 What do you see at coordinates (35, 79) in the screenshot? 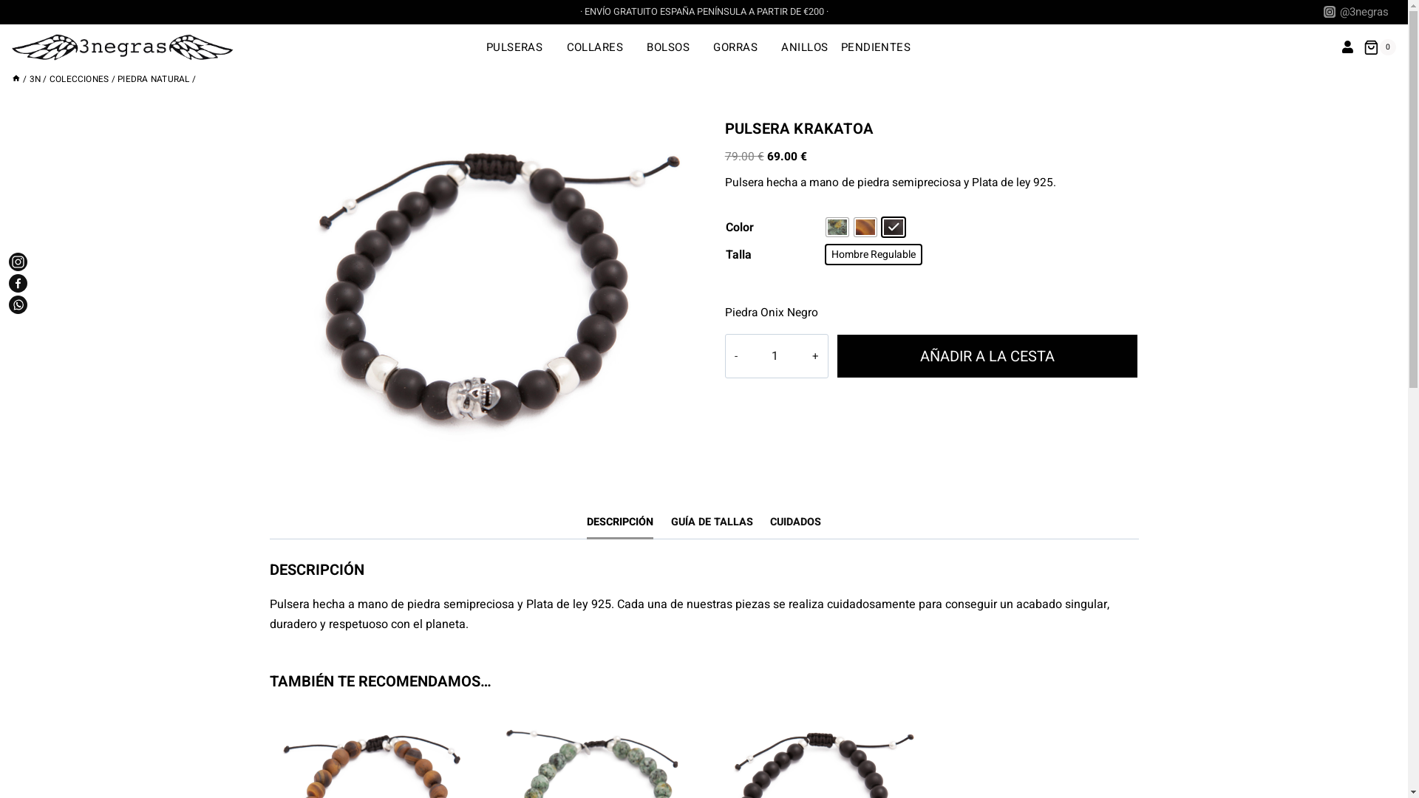
I see `'3N'` at bounding box center [35, 79].